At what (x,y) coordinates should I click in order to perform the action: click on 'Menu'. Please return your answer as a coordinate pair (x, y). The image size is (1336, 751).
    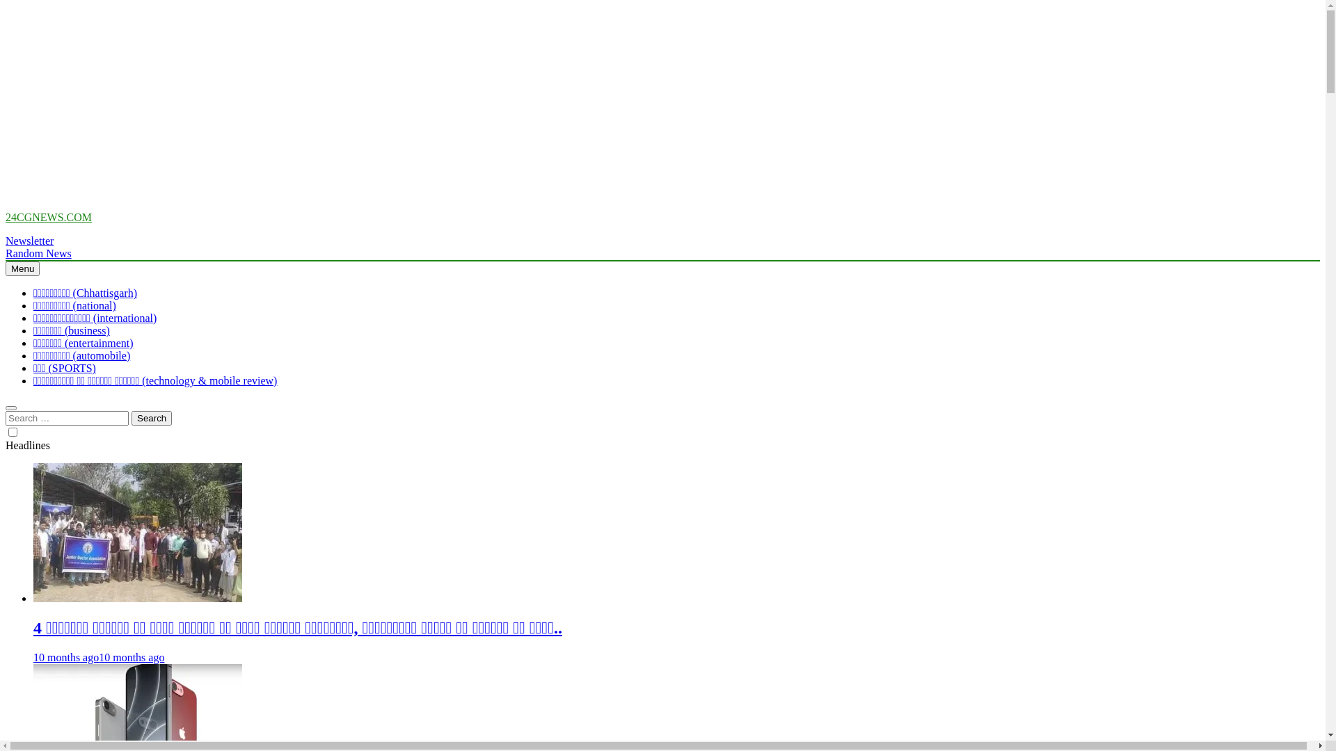
    Looking at the image, I should click on (22, 268).